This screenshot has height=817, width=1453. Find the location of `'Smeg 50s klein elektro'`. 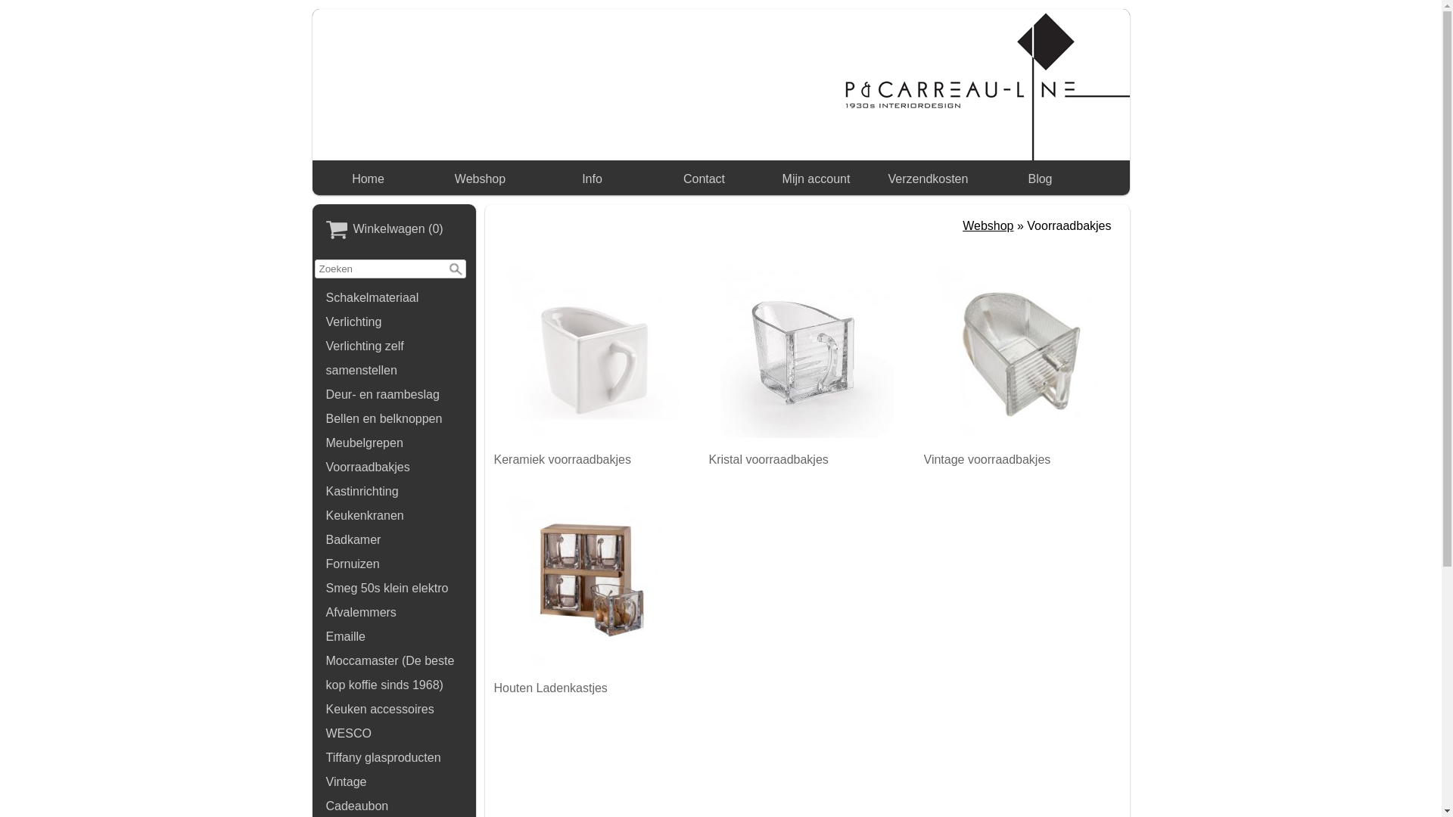

'Smeg 50s klein elektro' is located at coordinates (394, 588).